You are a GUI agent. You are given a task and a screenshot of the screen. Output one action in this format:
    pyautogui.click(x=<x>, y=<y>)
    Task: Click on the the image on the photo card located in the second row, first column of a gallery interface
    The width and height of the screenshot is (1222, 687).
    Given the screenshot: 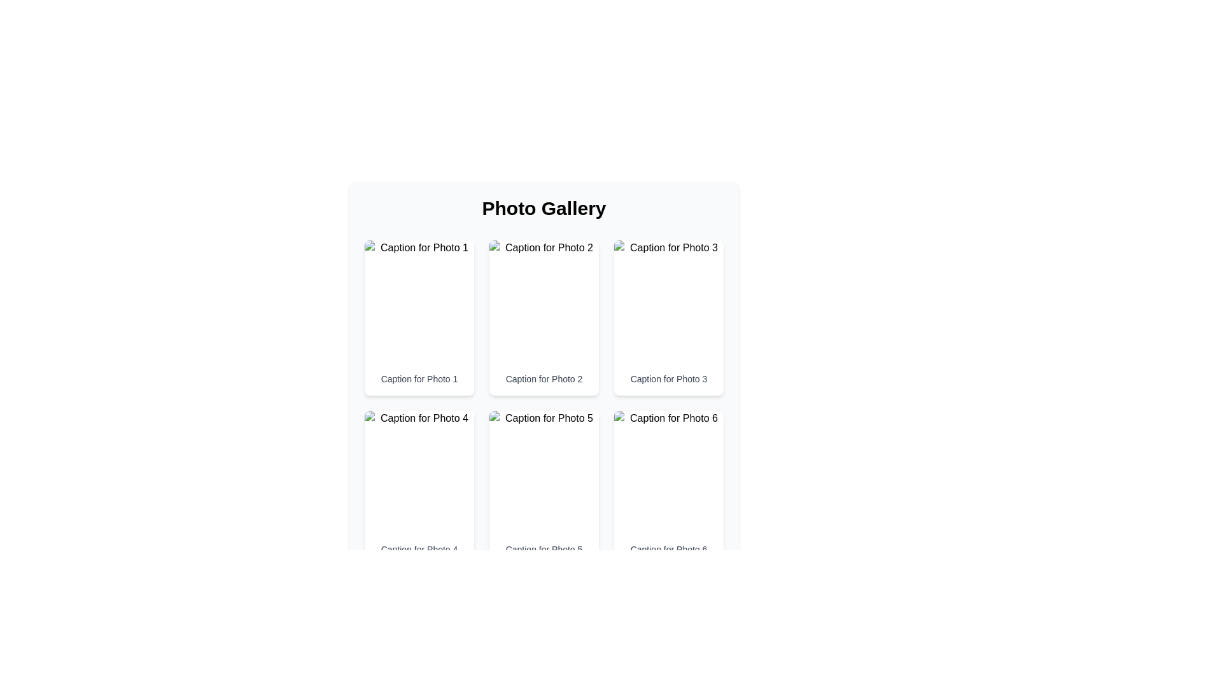 What is the action you would take?
    pyautogui.click(x=419, y=487)
    